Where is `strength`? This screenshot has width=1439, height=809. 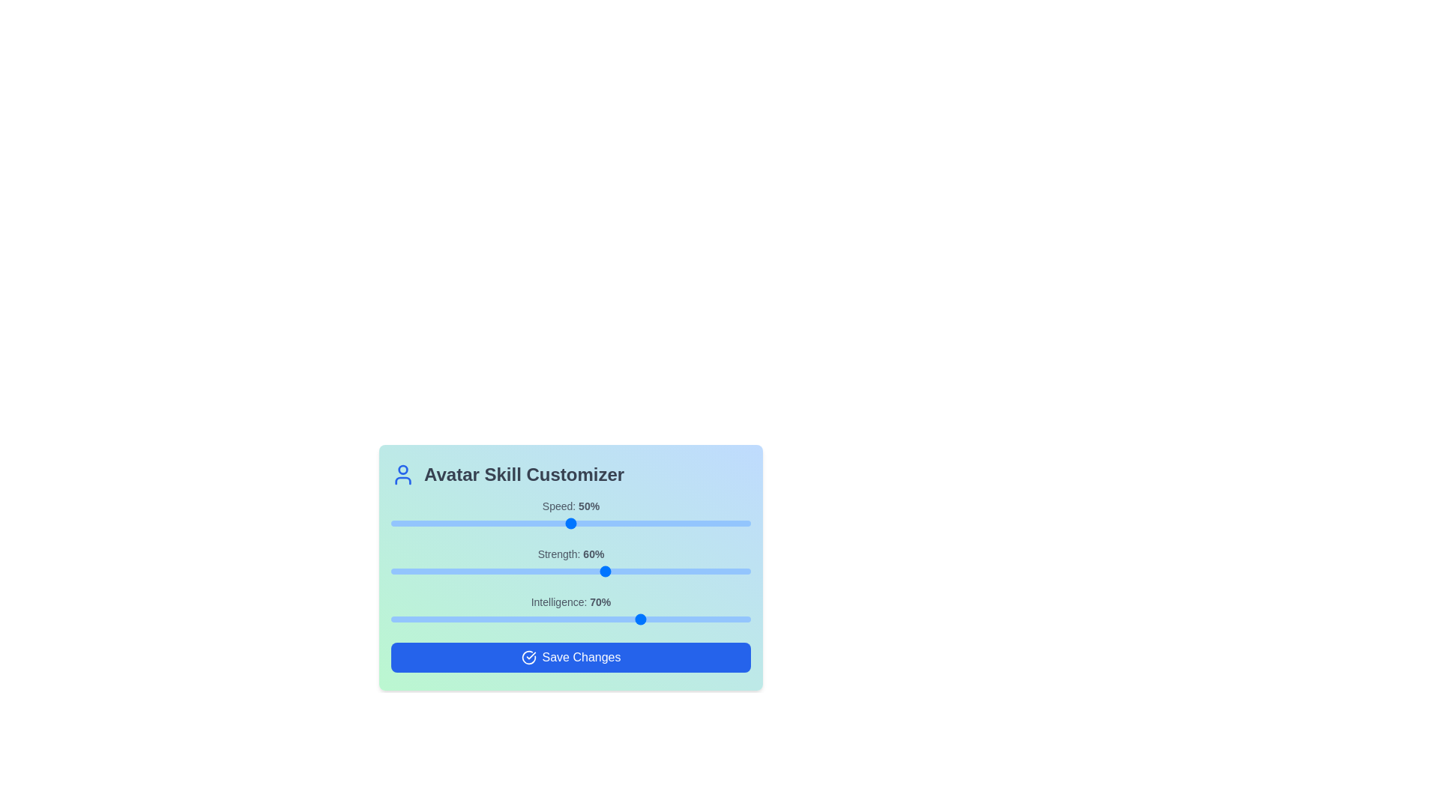 strength is located at coordinates (696, 572).